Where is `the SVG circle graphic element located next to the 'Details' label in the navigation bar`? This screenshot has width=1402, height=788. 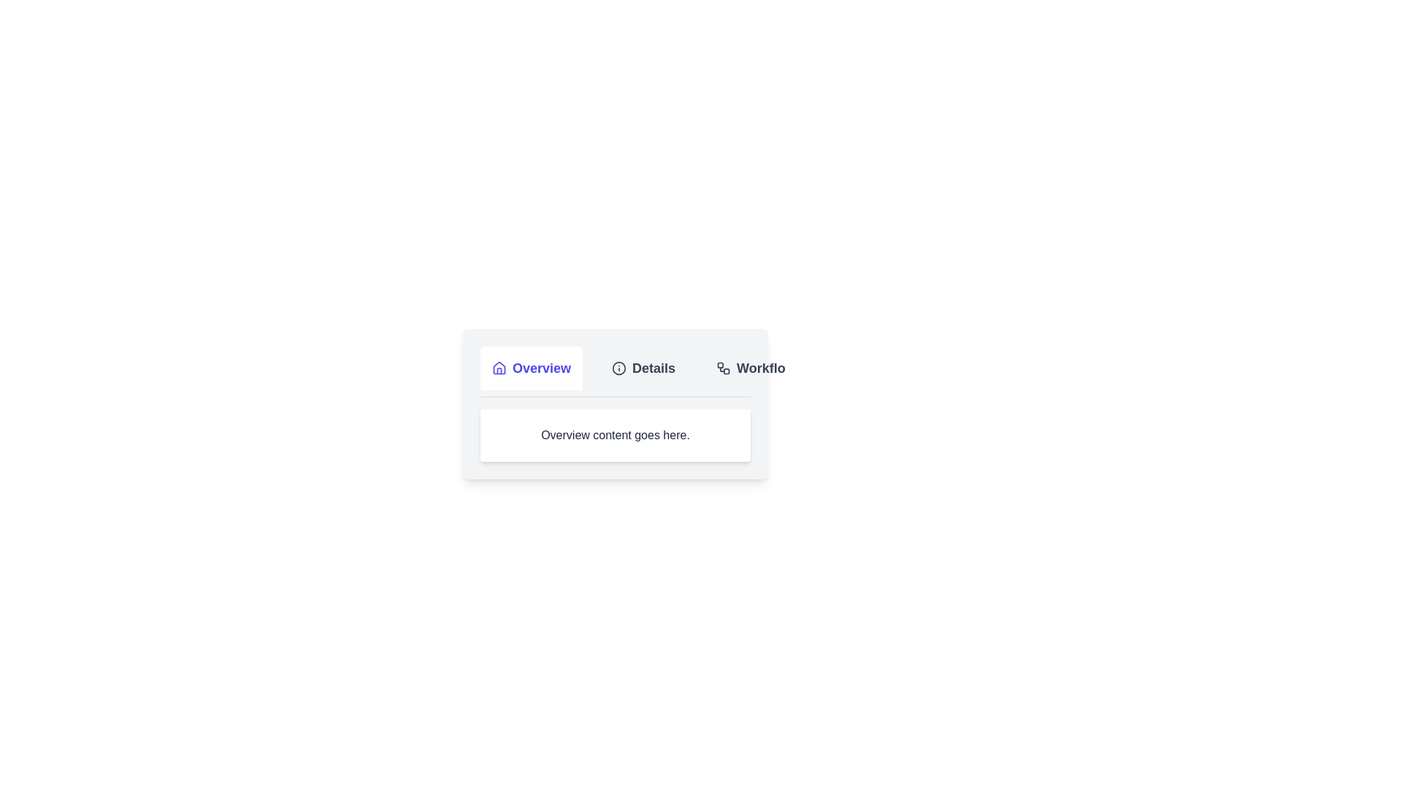 the SVG circle graphic element located next to the 'Details' label in the navigation bar is located at coordinates (619, 368).